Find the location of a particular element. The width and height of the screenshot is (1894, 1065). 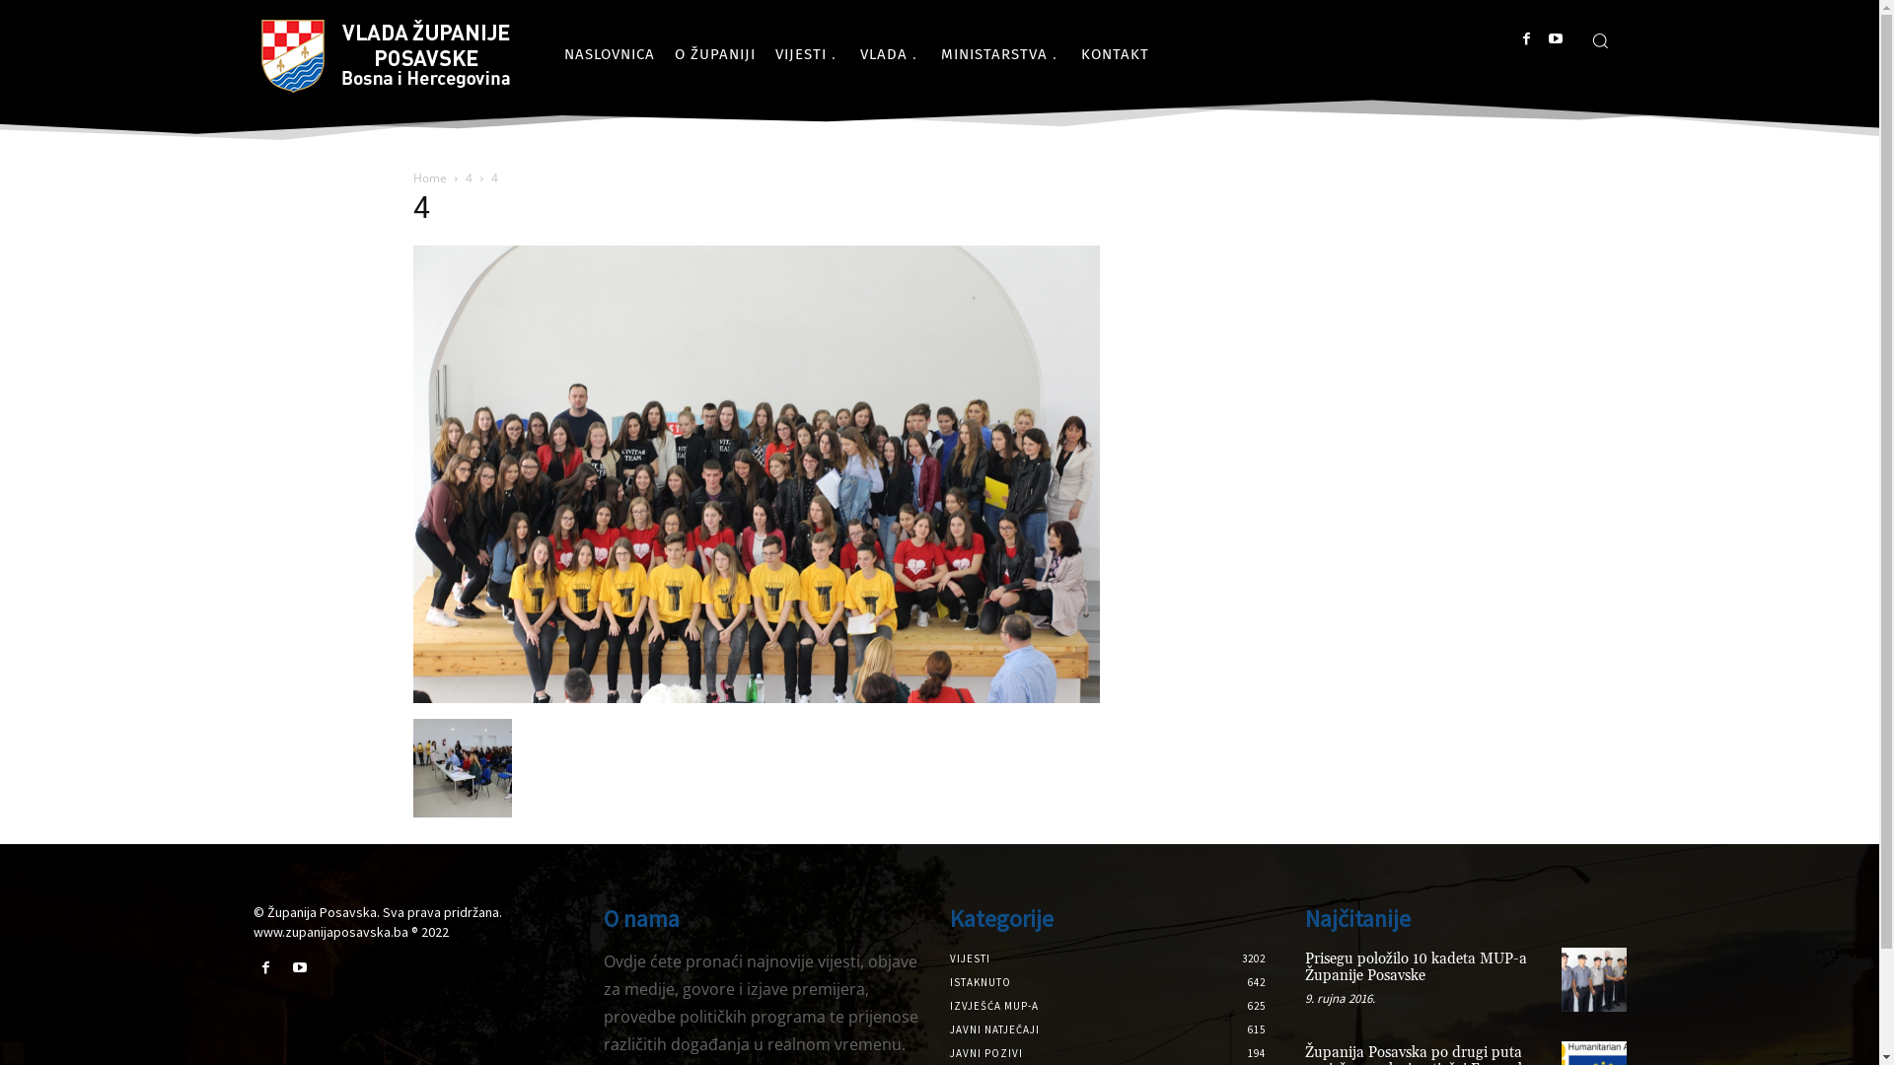

'KONTAKT' is located at coordinates (1115, 52).